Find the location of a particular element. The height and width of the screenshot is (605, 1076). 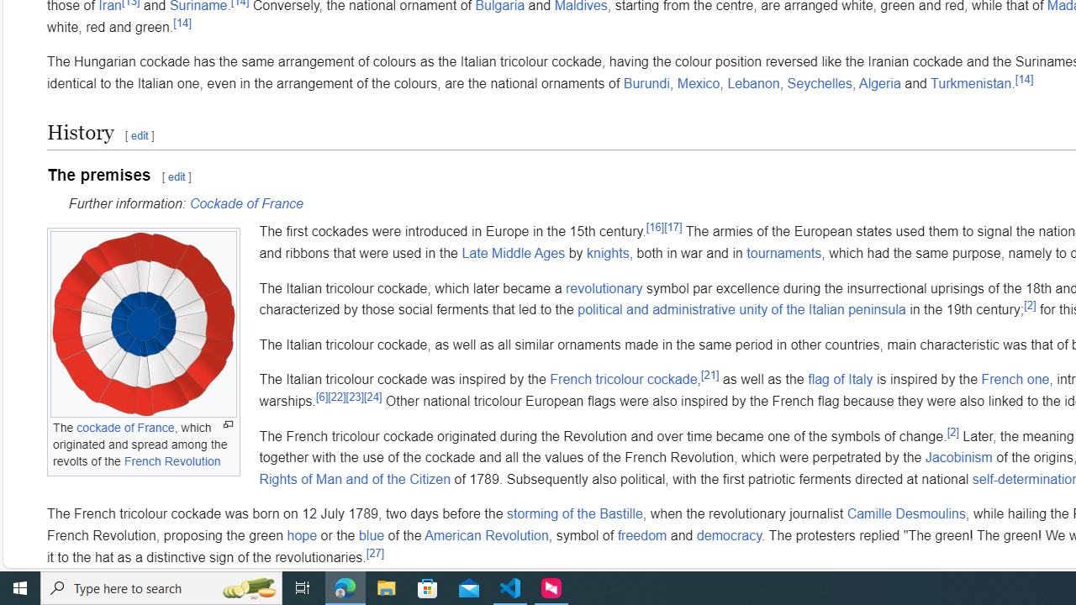

'[24]' is located at coordinates (372, 396).